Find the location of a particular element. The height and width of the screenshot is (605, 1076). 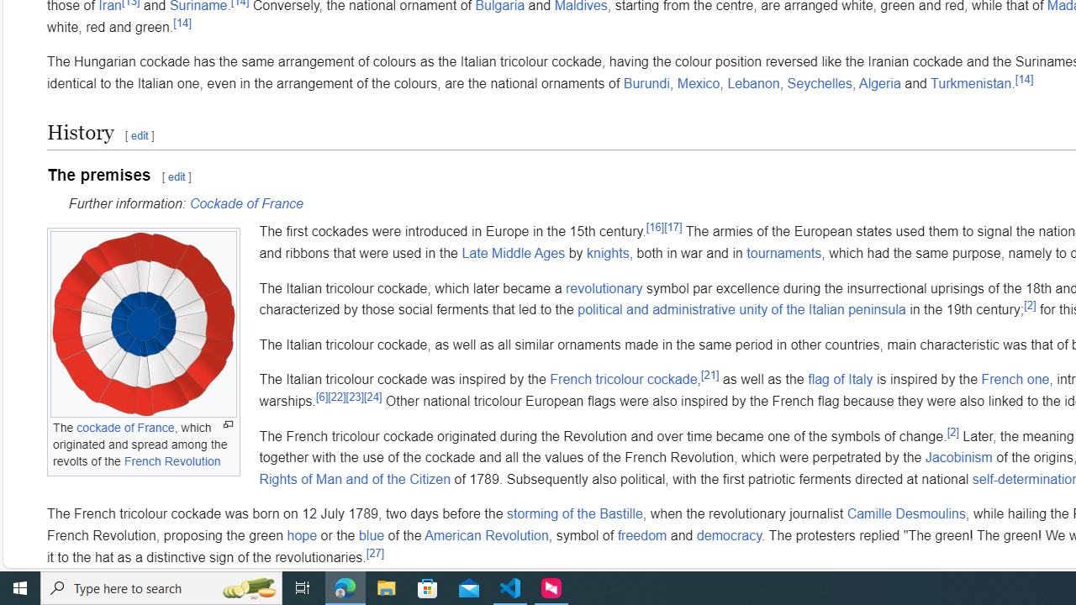

'[24]' is located at coordinates (372, 396).